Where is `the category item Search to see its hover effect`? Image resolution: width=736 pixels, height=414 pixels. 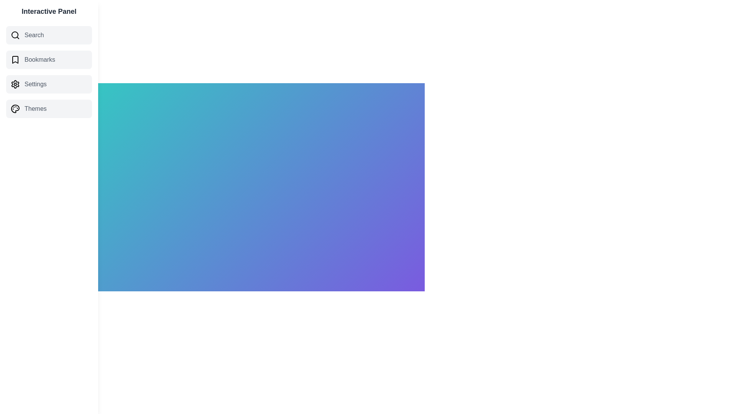
the category item Search to see its hover effect is located at coordinates (49, 35).